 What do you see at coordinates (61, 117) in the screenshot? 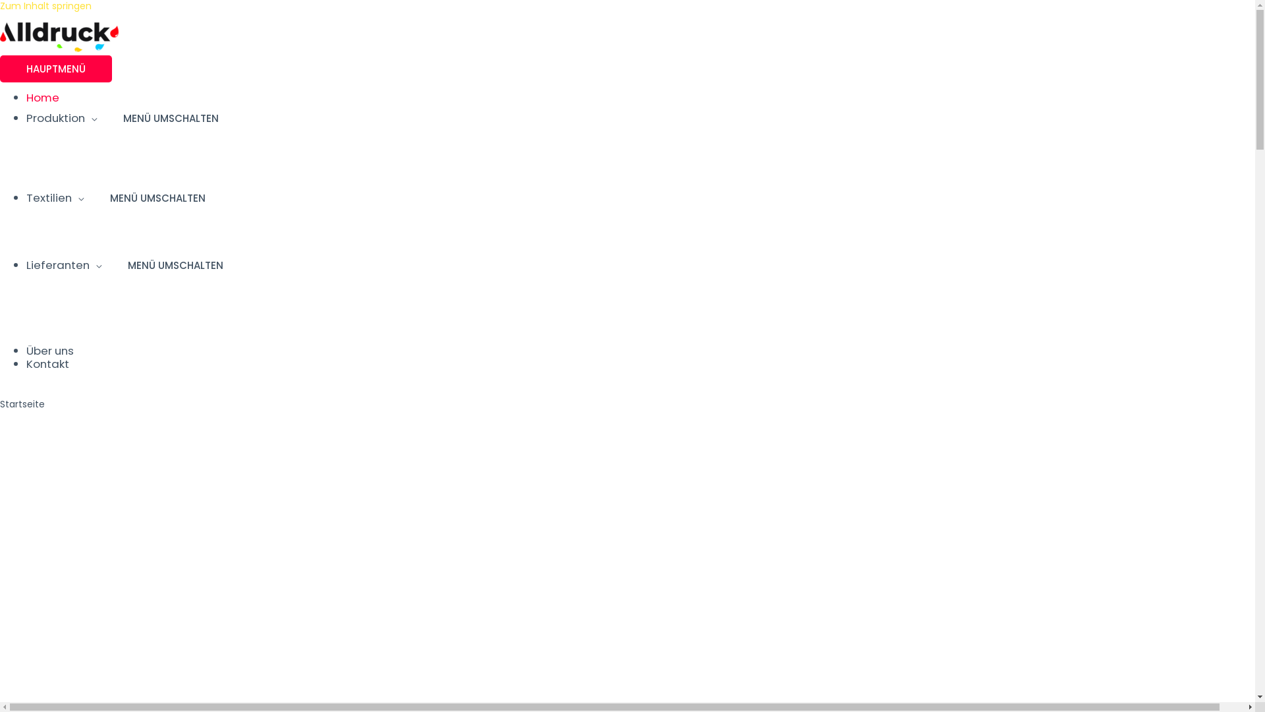
I see `'Produktion'` at bounding box center [61, 117].